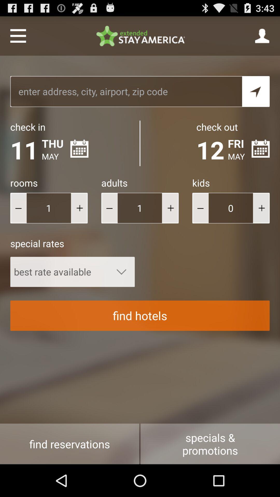 This screenshot has height=497, width=280. I want to click on decrease the adults points, so click(109, 208).